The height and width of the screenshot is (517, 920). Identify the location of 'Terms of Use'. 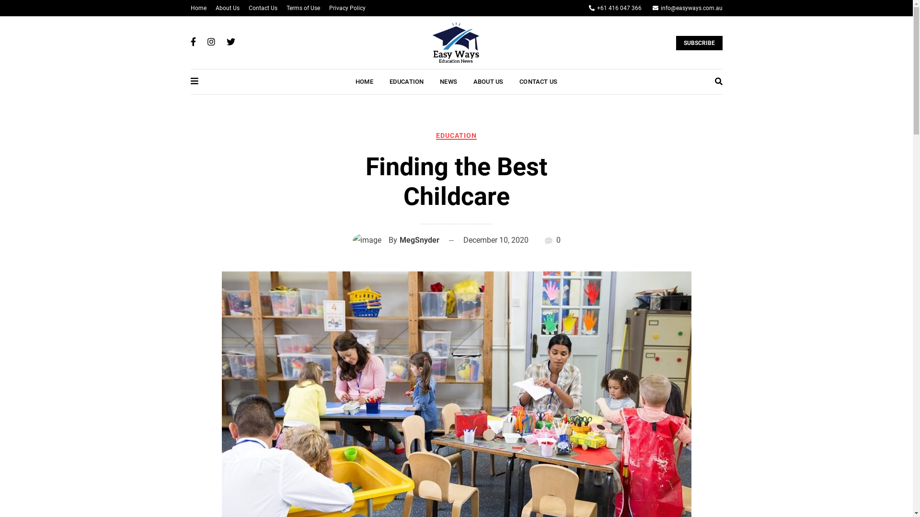
(303, 8).